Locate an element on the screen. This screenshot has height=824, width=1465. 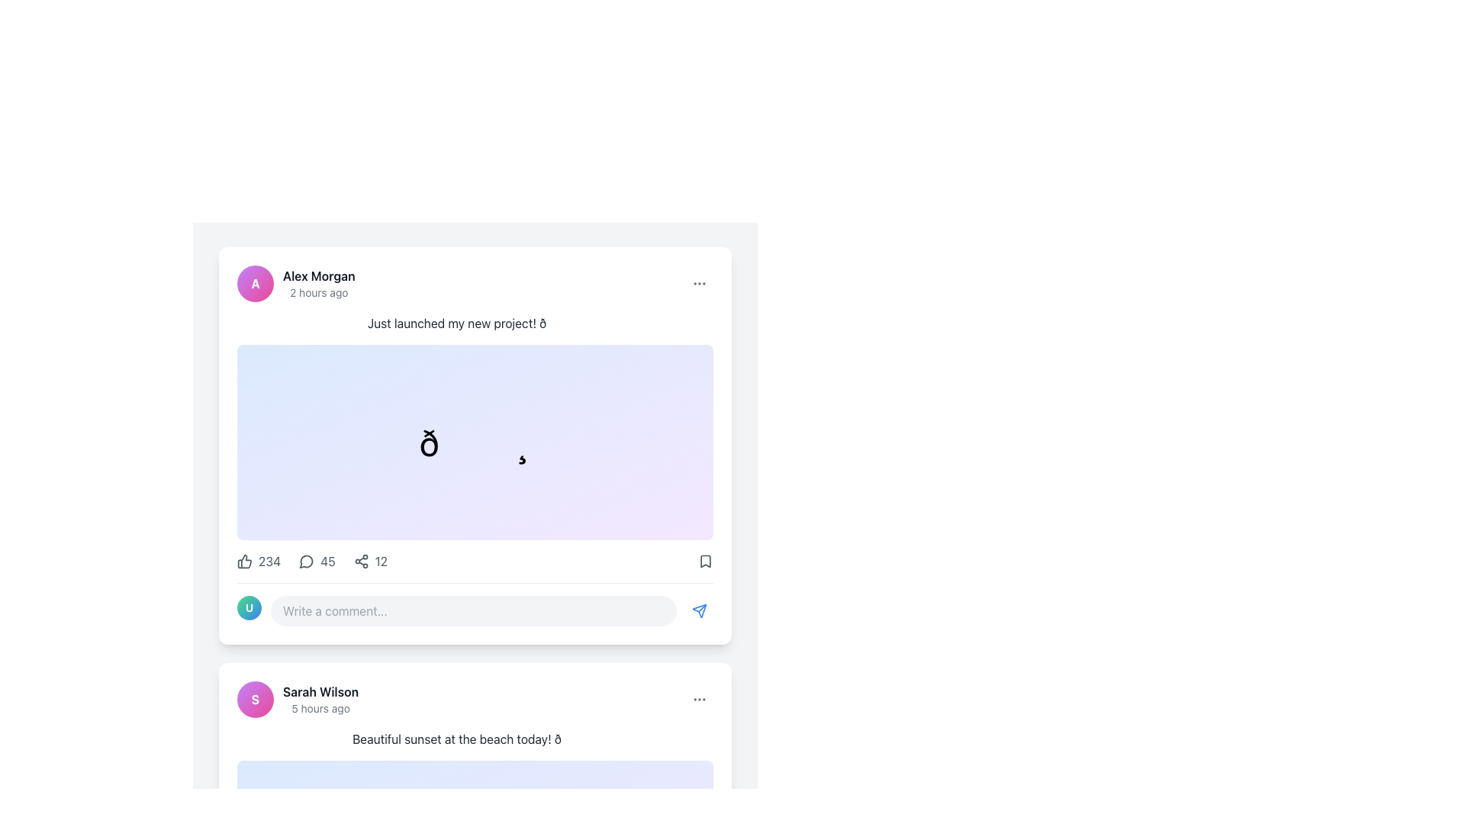
the first avatar and text component in the post, which features a circular avatar with a bold 'S' and the name 'Sarah Wilson' in bold gray text, along with a timestamp below it is located at coordinates (298, 700).